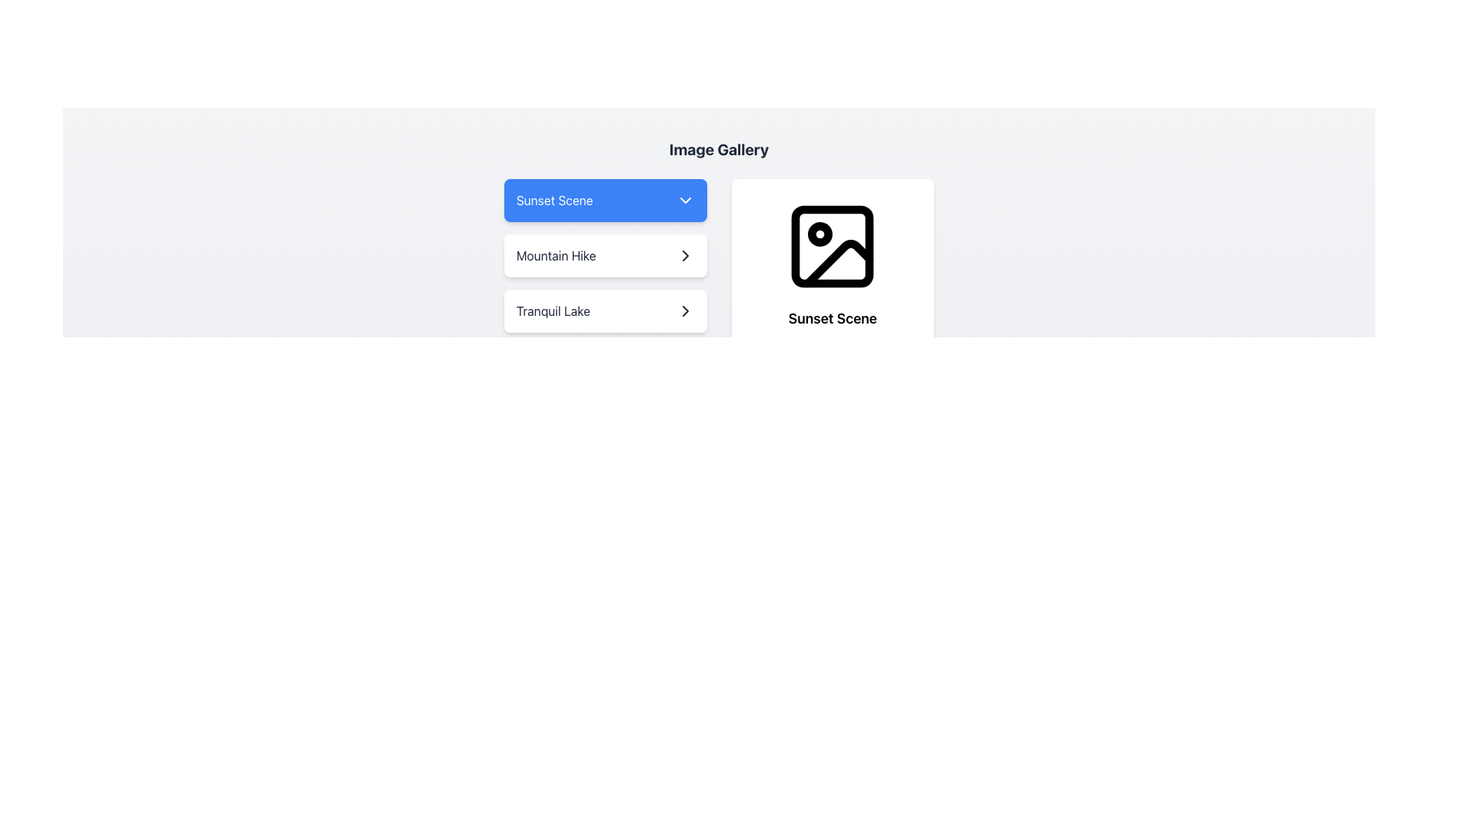  Describe the element at coordinates (684, 254) in the screenshot. I see `the right-pointing chevron icon located at the far-right end of the 'Mountain Hike' selection button` at that location.